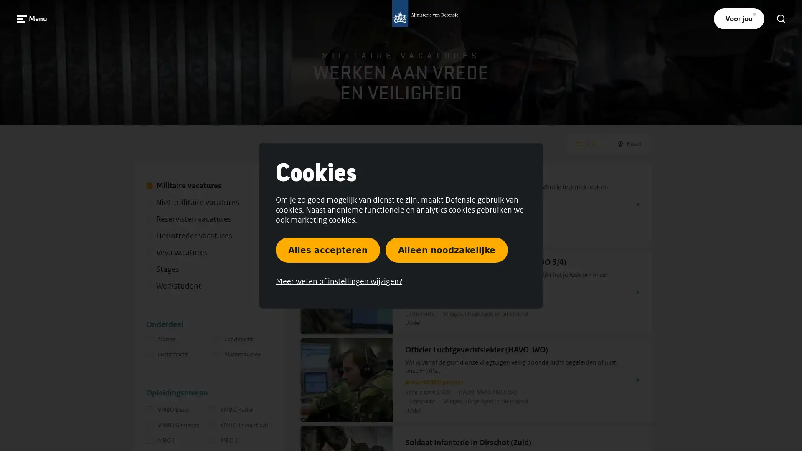 This screenshot has width=802, height=451. I want to click on Zoeken openen, so click(781, 19).